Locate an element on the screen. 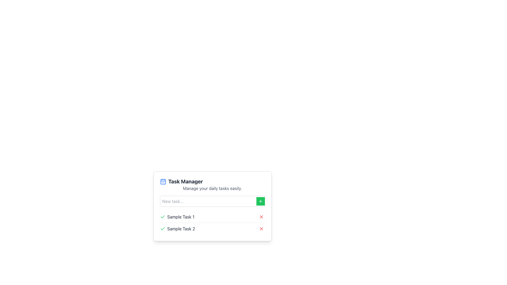  the red circular button with a white 'X' icon, which is located to the far-right of the 'Sample Task 1' in the task list under the 'Task Manager' section is located at coordinates (261, 217).